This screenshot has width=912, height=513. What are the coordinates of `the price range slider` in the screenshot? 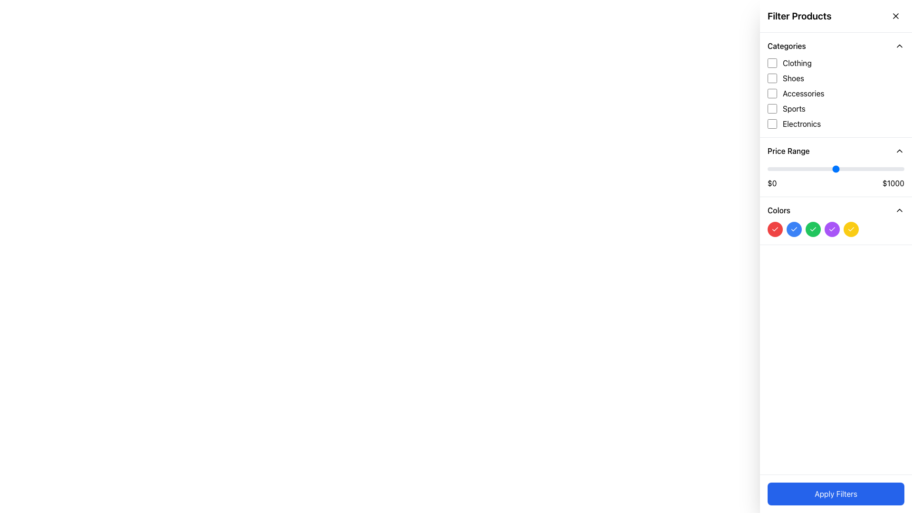 It's located at (897, 168).